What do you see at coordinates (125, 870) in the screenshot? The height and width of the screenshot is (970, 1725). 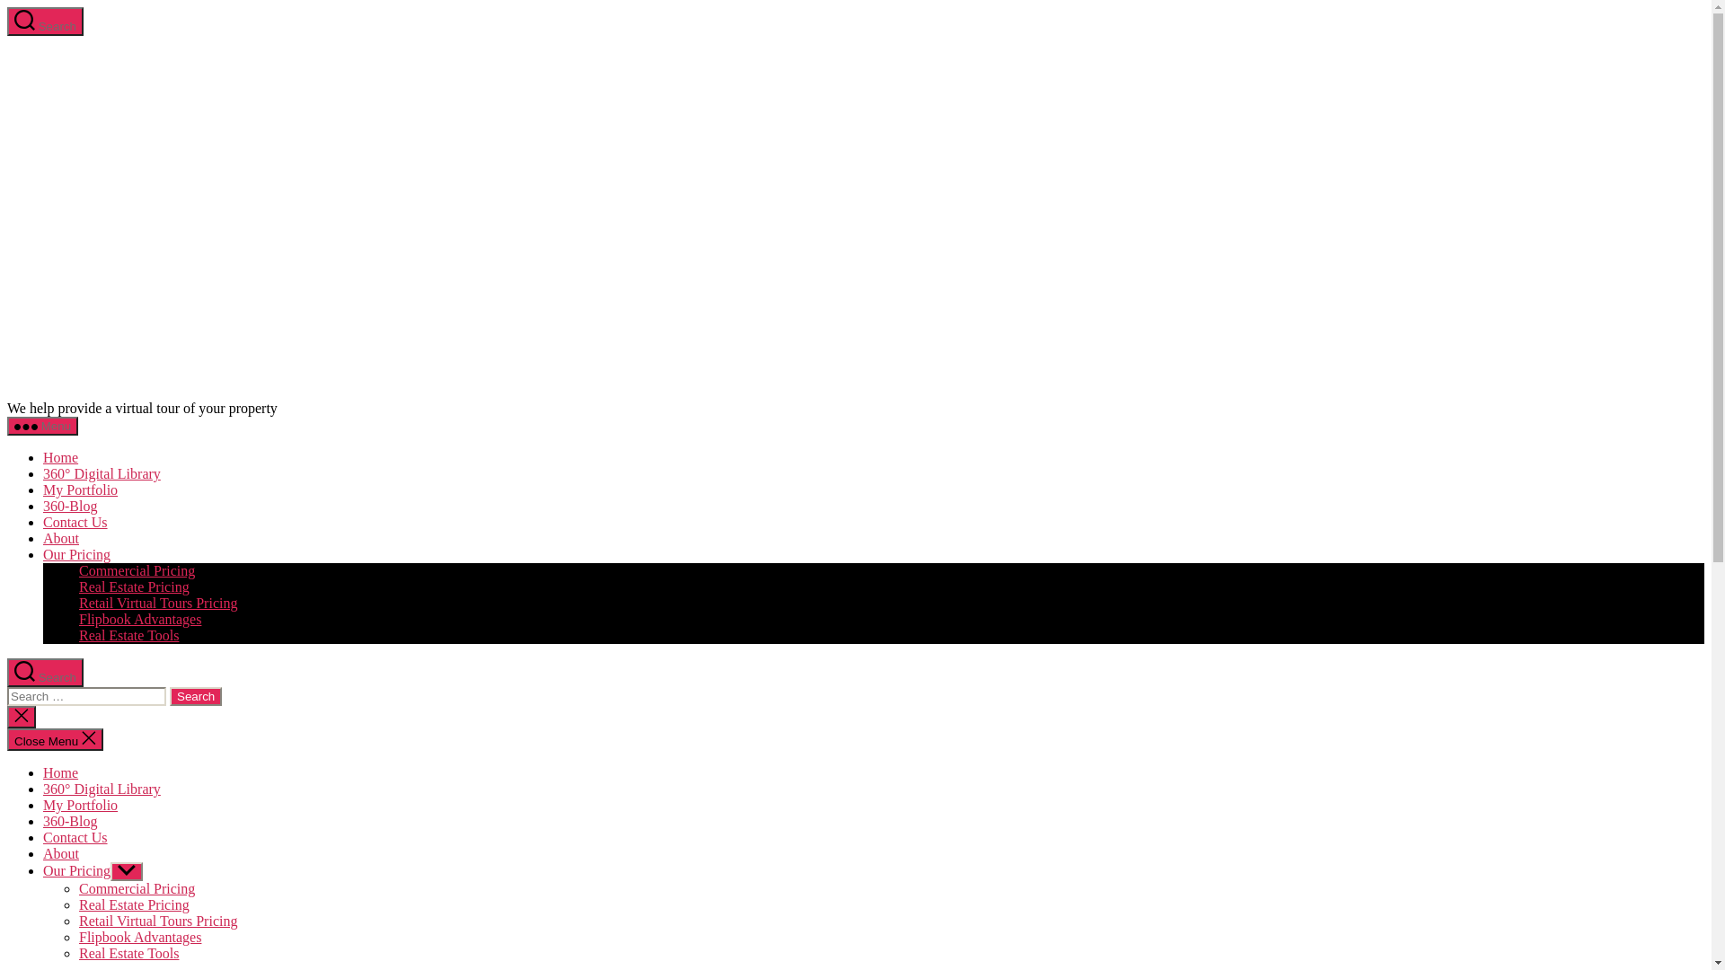 I see `'Show sub menu'` at bounding box center [125, 870].